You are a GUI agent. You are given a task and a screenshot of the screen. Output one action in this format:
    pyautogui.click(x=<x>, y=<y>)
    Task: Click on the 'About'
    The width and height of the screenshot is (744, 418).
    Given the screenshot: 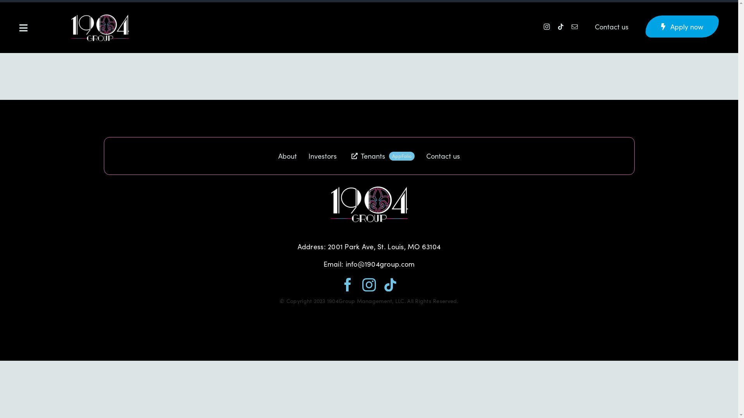 What is the action you would take?
    pyautogui.click(x=278, y=156)
    